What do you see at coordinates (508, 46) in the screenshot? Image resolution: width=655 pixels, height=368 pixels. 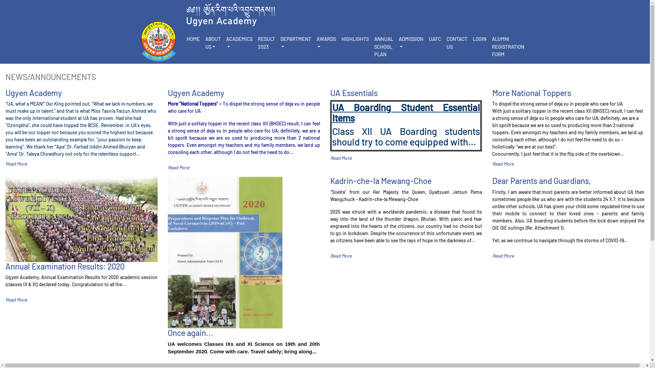 I see `'ALUMNI REGISTRATION FORM'` at bounding box center [508, 46].